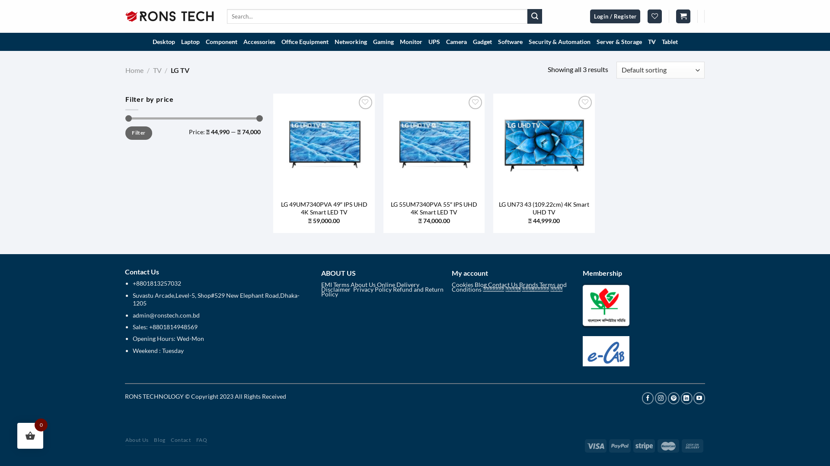 The width and height of the screenshot is (830, 466). Describe the element at coordinates (178, 41) in the screenshot. I see `'Laptop'` at that location.